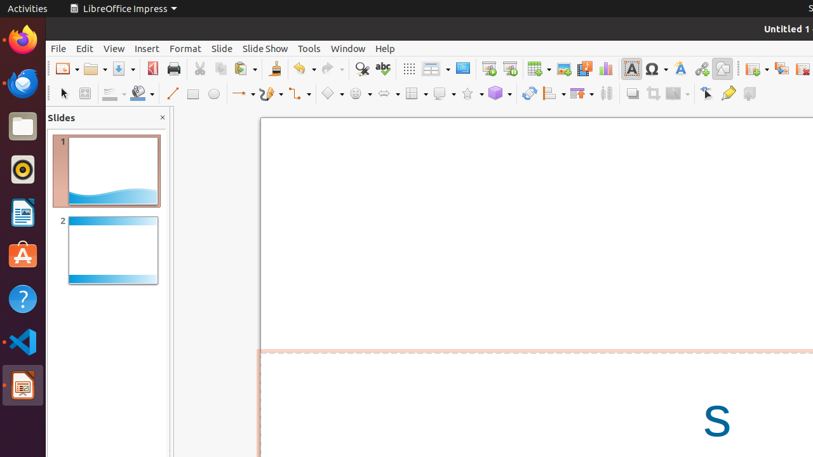 The image size is (813, 457). What do you see at coordinates (22, 168) in the screenshot?
I see `'Rhythmbox'` at bounding box center [22, 168].